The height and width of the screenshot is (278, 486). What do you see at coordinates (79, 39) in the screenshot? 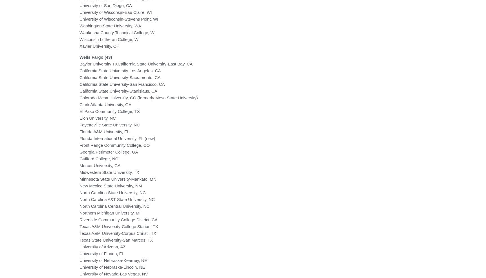
I see `'Wisconsin Lutheran College, WI'` at bounding box center [79, 39].